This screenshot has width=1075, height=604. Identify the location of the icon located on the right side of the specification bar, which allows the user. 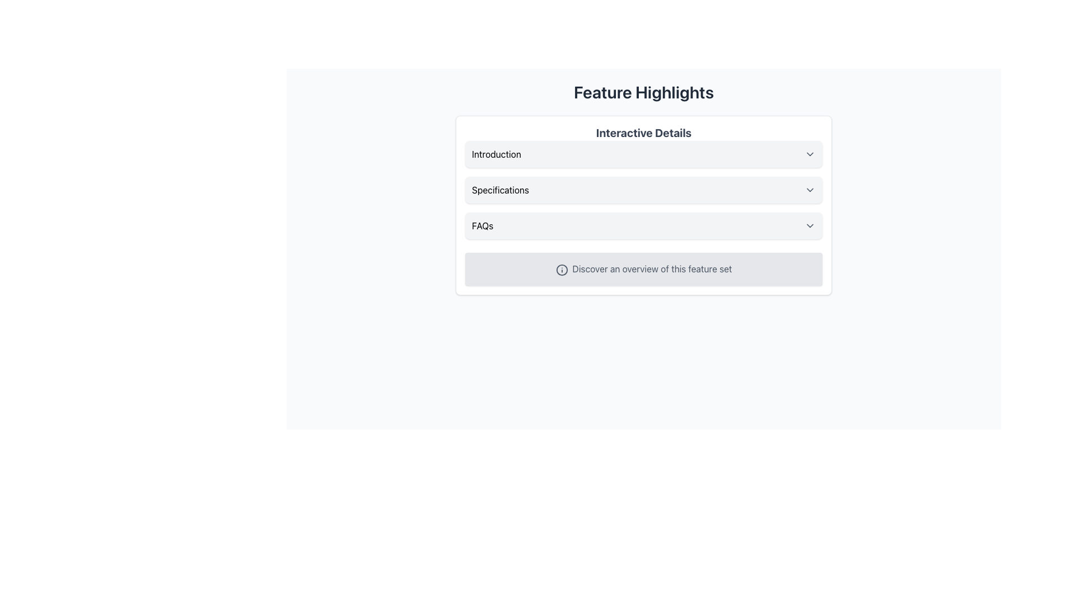
(810, 189).